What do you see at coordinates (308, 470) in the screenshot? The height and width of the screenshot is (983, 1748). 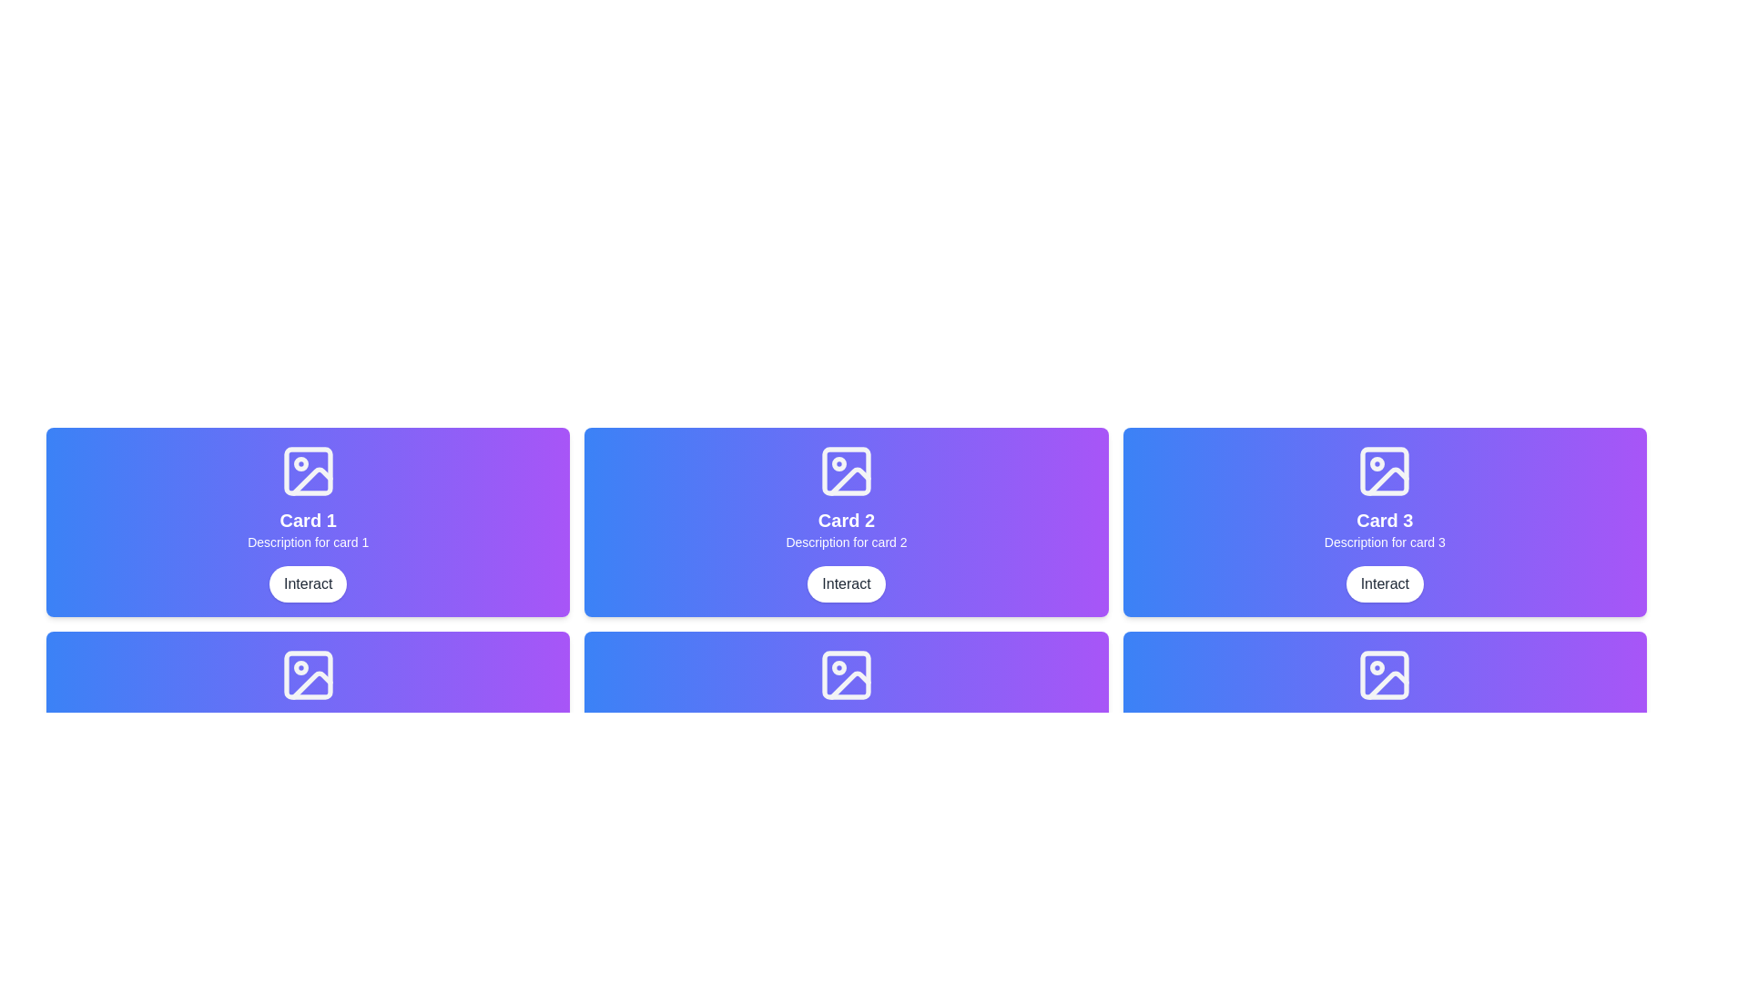 I see `the small rectangle at the top-left corner of the image frame in the 'Card 1' section` at bounding box center [308, 470].